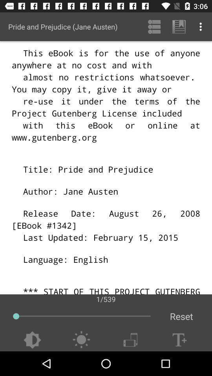  I want to click on change brightness, so click(32, 340).